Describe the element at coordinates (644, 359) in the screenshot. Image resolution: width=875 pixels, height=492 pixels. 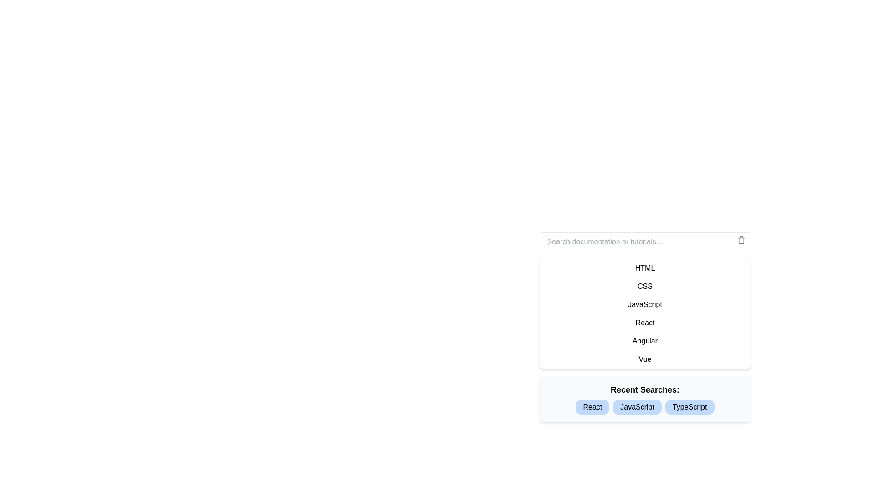
I see `the last text-based menu item within a vertical list of six items` at that location.